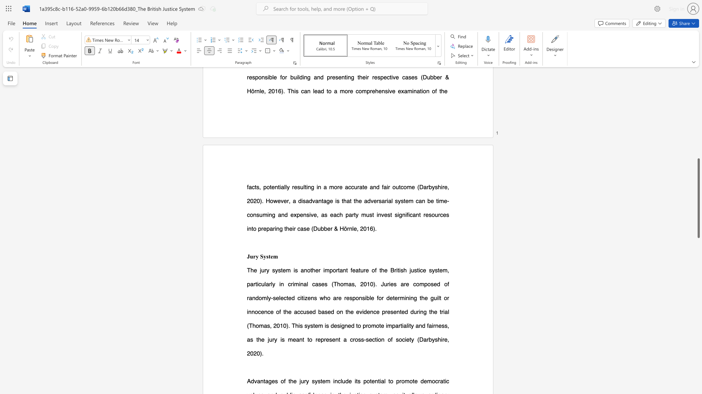 This screenshot has width=702, height=394. What do you see at coordinates (698, 36) in the screenshot?
I see `the side scrollbar to bring the page up` at bounding box center [698, 36].